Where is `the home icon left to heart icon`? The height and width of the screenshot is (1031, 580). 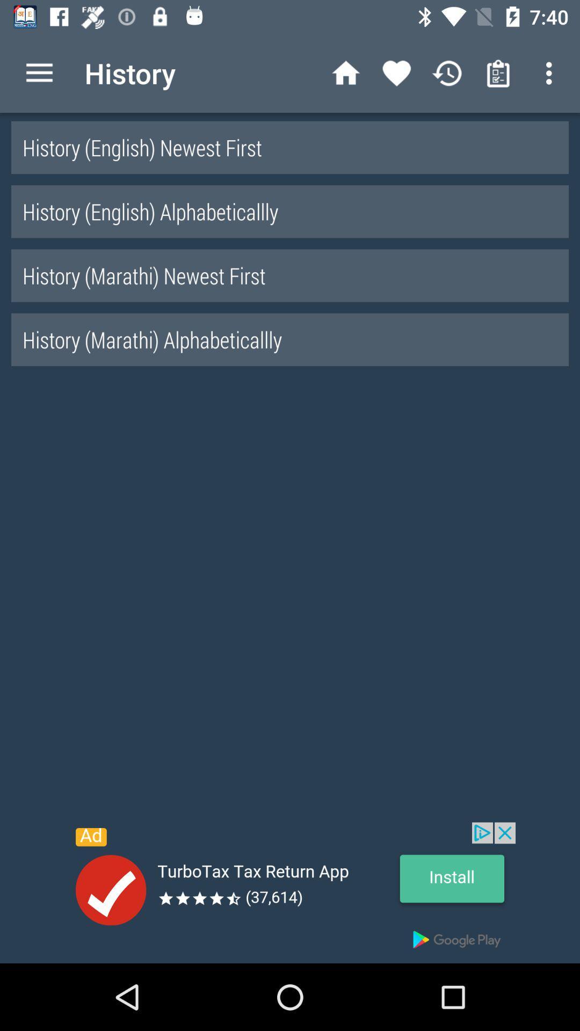
the home icon left to heart icon is located at coordinates (346, 73).